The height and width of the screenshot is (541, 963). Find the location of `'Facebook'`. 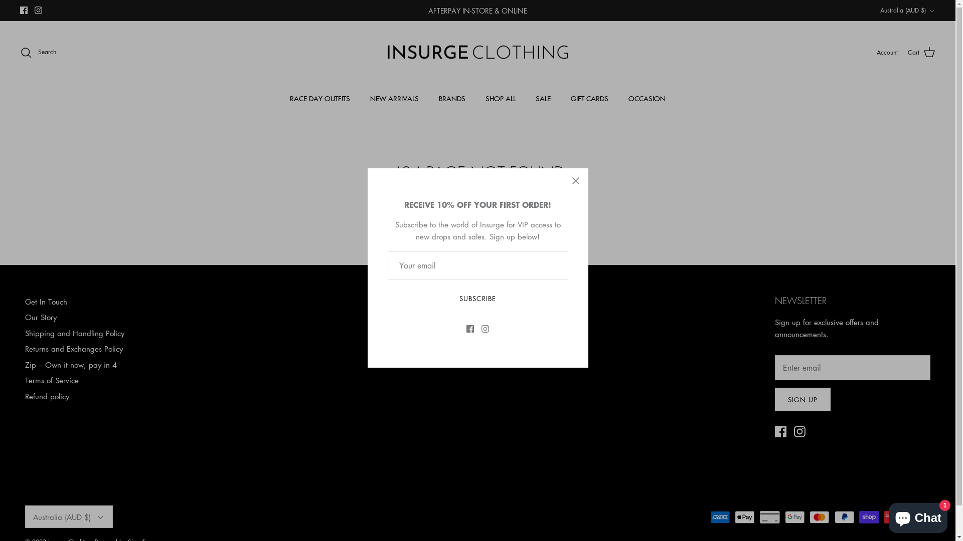

'Facebook' is located at coordinates (780, 431).